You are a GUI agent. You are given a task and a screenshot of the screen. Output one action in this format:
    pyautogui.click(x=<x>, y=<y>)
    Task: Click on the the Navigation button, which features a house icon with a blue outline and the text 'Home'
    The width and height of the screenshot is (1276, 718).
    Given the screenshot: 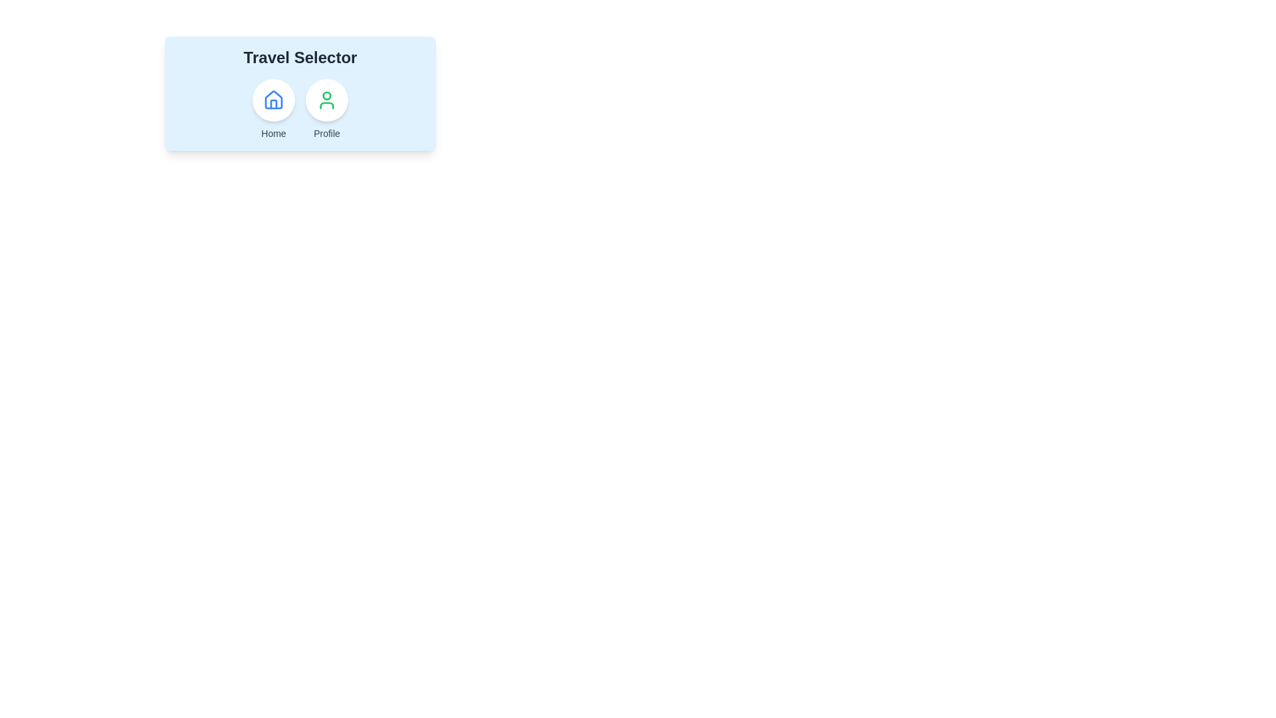 What is the action you would take?
    pyautogui.click(x=273, y=109)
    